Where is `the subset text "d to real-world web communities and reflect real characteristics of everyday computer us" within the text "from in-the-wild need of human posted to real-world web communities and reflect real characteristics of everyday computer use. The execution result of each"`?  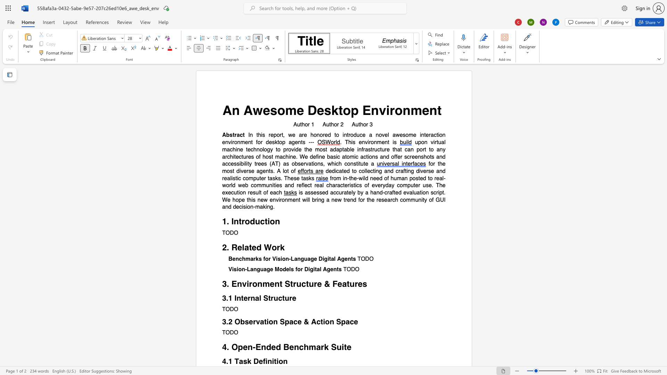
the subset text "d to real-world web communities and reflect real characteristics of everyday computer us" within the text "from in-the-wild need of human posted to real-world web communities and reflect real characteristics of everyday computer use. The execution result of each" is located at coordinates (422, 178).